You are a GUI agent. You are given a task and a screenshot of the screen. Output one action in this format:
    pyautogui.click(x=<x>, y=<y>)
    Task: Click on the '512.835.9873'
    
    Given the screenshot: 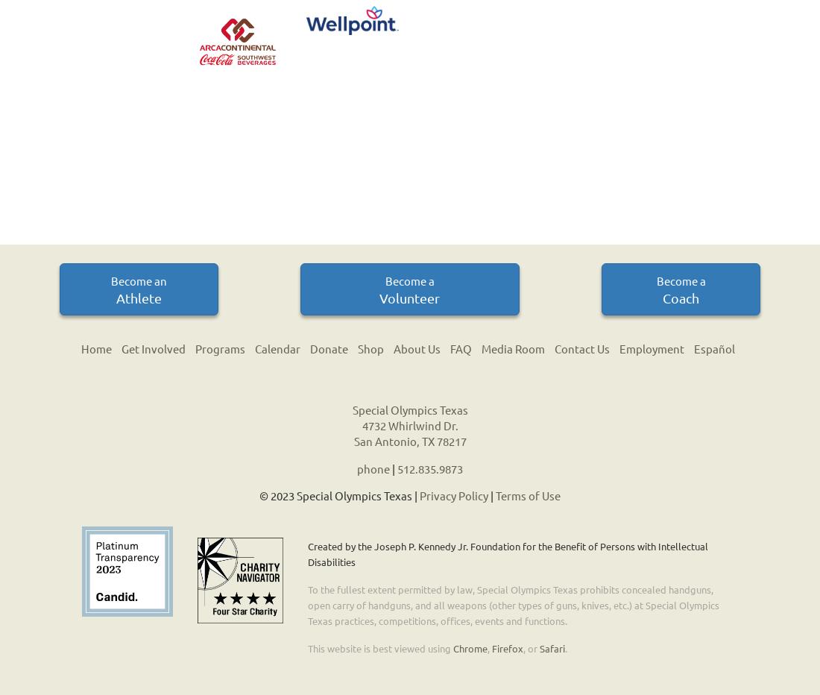 What is the action you would take?
    pyautogui.click(x=397, y=467)
    